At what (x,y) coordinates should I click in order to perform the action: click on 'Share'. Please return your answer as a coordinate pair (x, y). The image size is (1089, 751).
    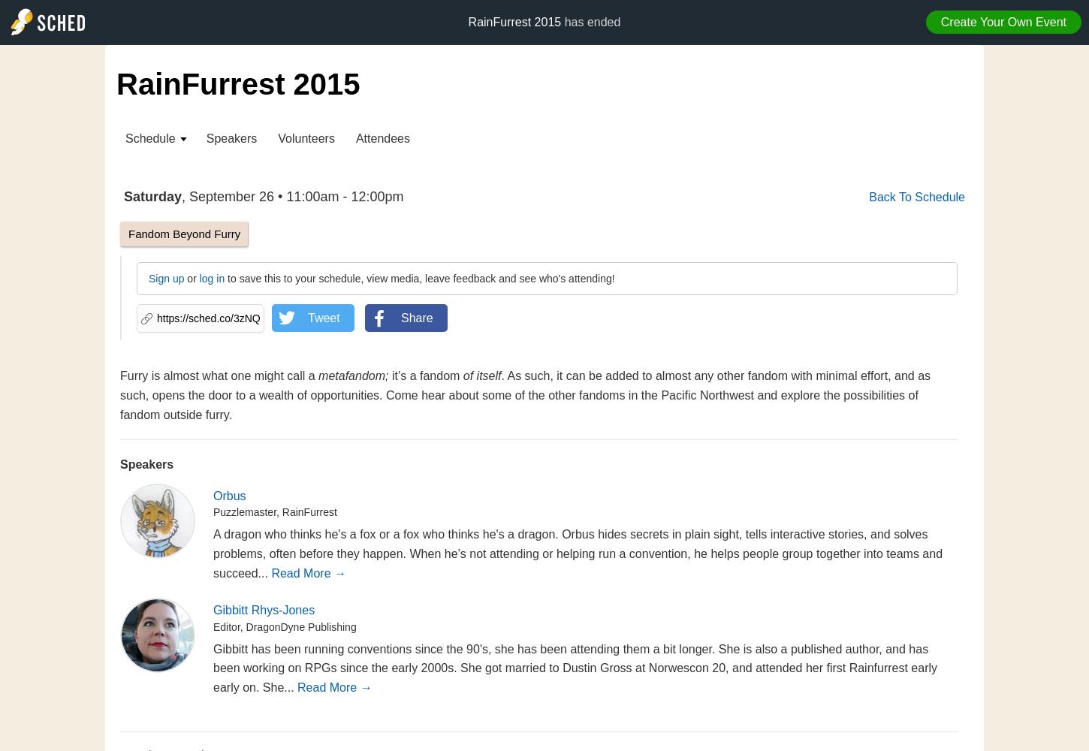
    Looking at the image, I should click on (401, 318).